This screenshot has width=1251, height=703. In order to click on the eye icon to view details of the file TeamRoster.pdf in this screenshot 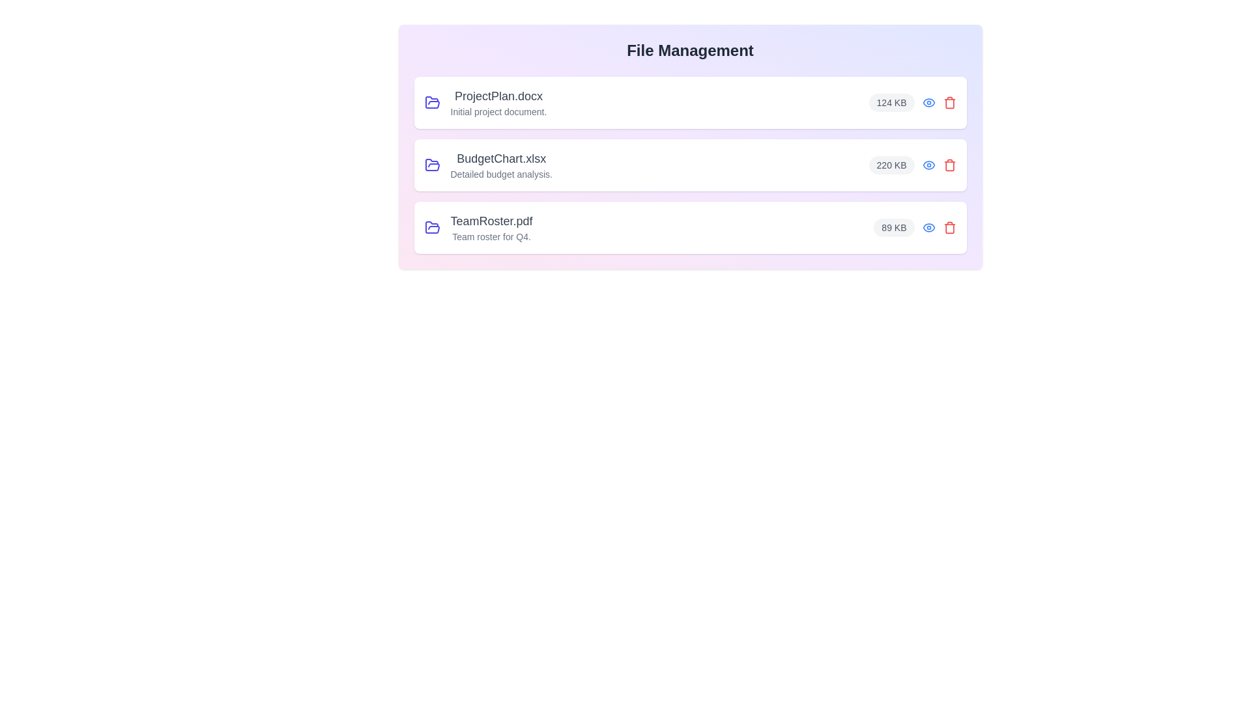, I will do `click(928, 227)`.